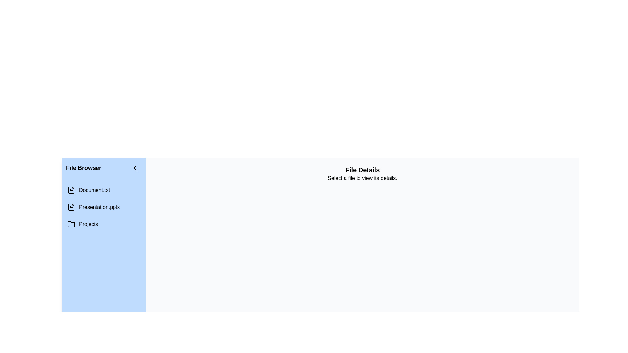 This screenshot has width=628, height=353. Describe the element at coordinates (103, 190) in the screenshot. I see `the first list item in the sidebar, which displays an icon resembling a document file and the label 'Document.txt'` at that location.